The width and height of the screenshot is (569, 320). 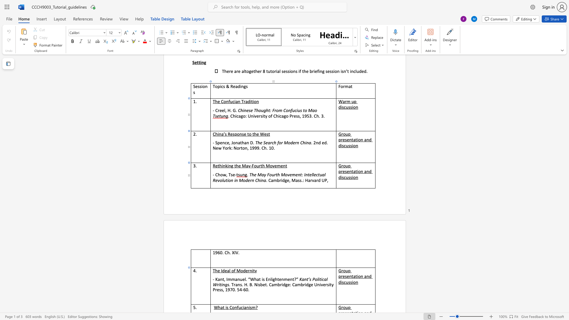 What do you see at coordinates (239, 252) in the screenshot?
I see `the 3th character "." in the text` at bounding box center [239, 252].